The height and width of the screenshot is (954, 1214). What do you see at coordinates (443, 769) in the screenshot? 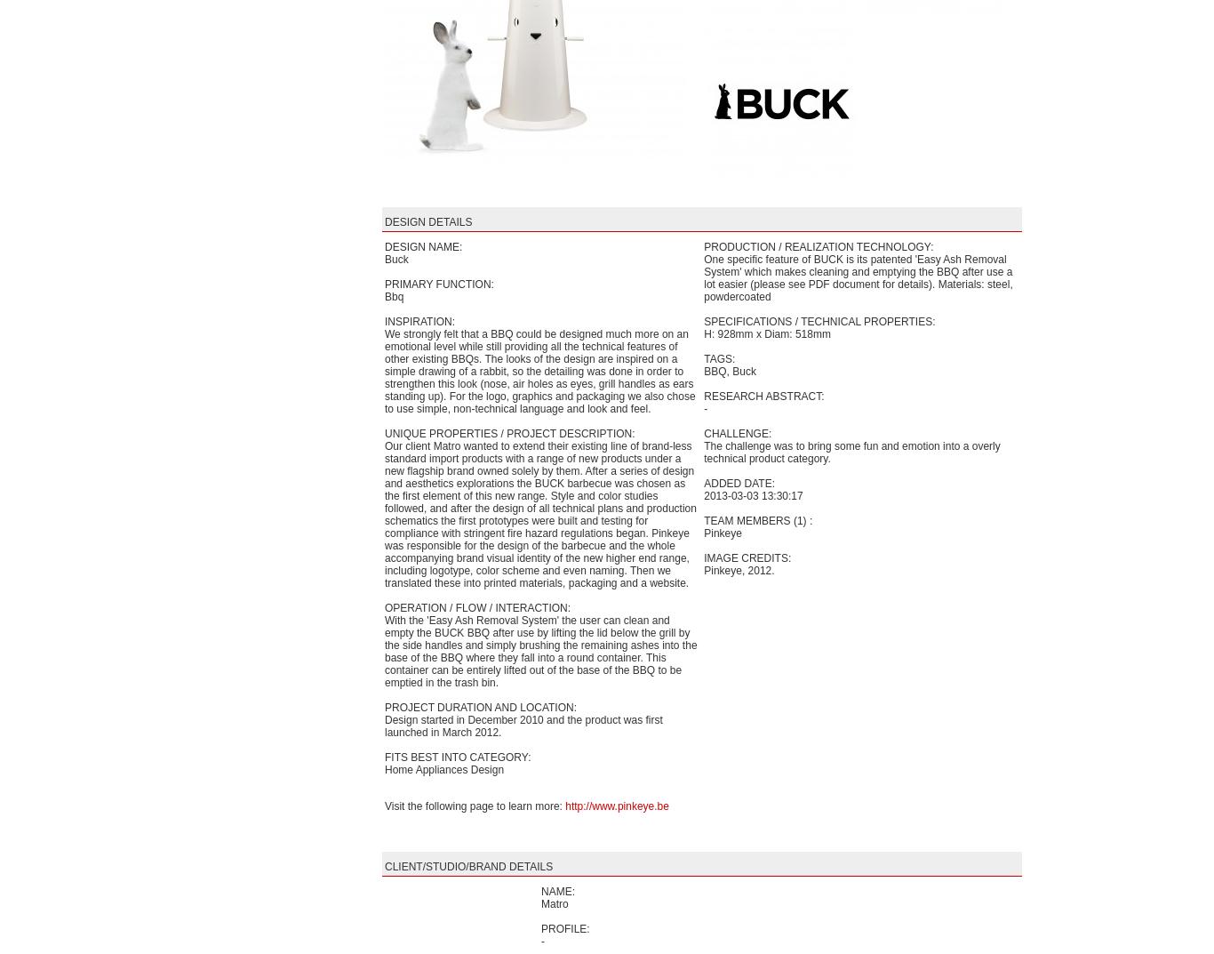
I see `'Home Appliances Design'` at bounding box center [443, 769].